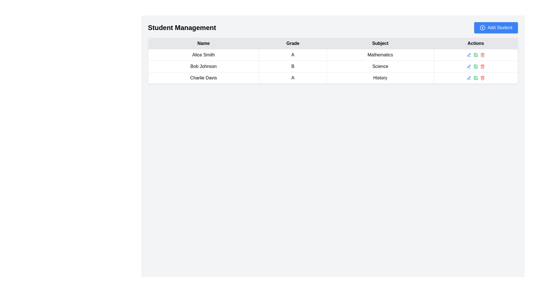  What do you see at coordinates (482, 78) in the screenshot?
I see `the delete button in the 'Actions' column for the row corresponding to 'Charlie Davis'` at bounding box center [482, 78].